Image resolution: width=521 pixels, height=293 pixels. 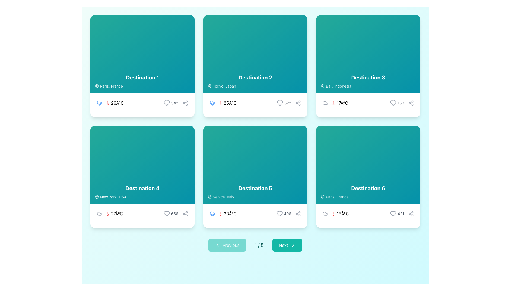 What do you see at coordinates (284, 103) in the screenshot?
I see `like count displayed next to the heart-shaped icon in the interactive group located at the bottom-right of the 'Destination 2' card` at bounding box center [284, 103].